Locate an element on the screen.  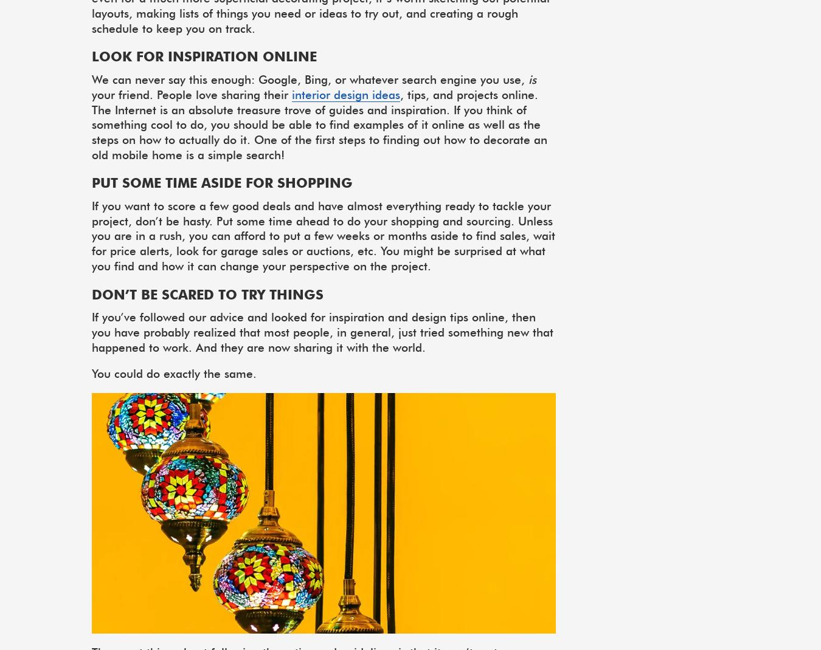
'We can never say this enough: Google, Bing, or whatever search engine you use,' is located at coordinates (92, 79).